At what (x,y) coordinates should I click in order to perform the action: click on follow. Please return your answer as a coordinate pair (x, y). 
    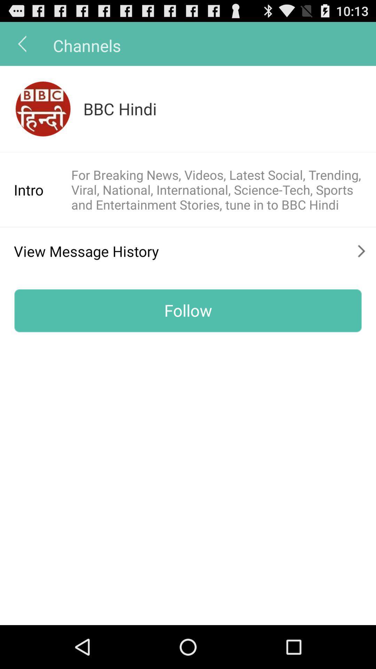
    Looking at the image, I should click on (188, 310).